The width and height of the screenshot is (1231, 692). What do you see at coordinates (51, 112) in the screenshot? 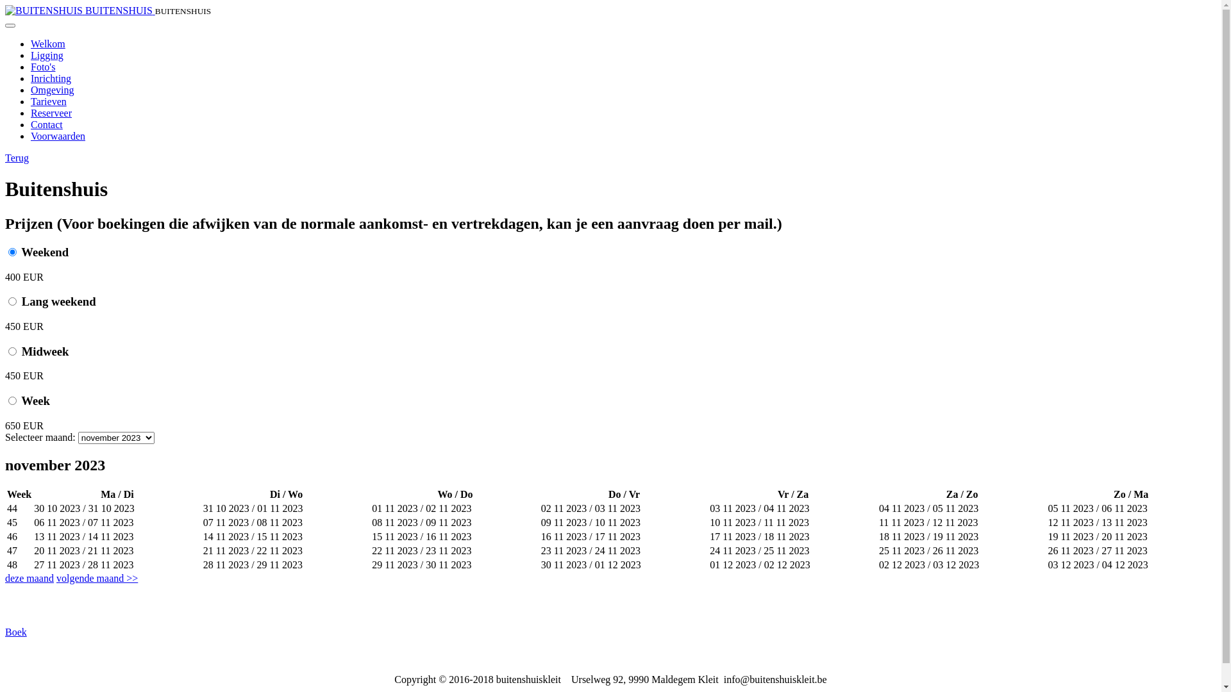
I see `'Reserveer'` at bounding box center [51, 112].